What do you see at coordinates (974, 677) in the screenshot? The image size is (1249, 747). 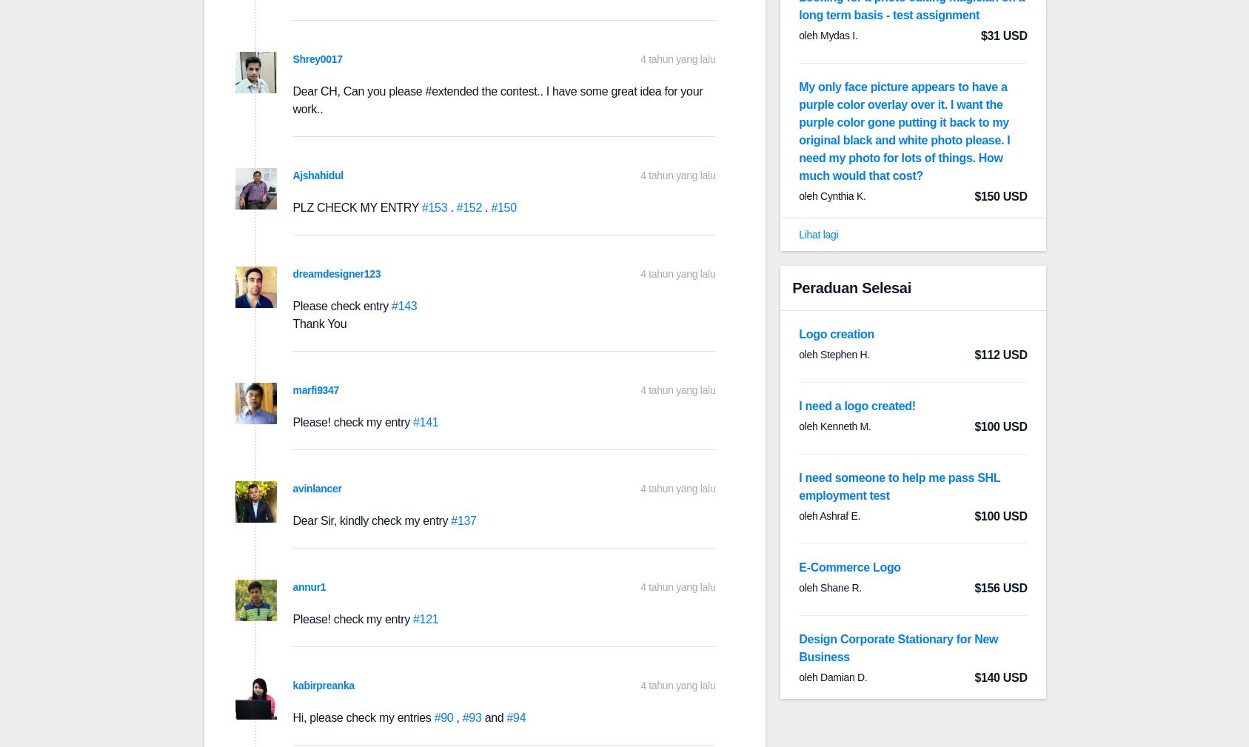 I see `'$140 USD'` at bounding box center [974, 677].